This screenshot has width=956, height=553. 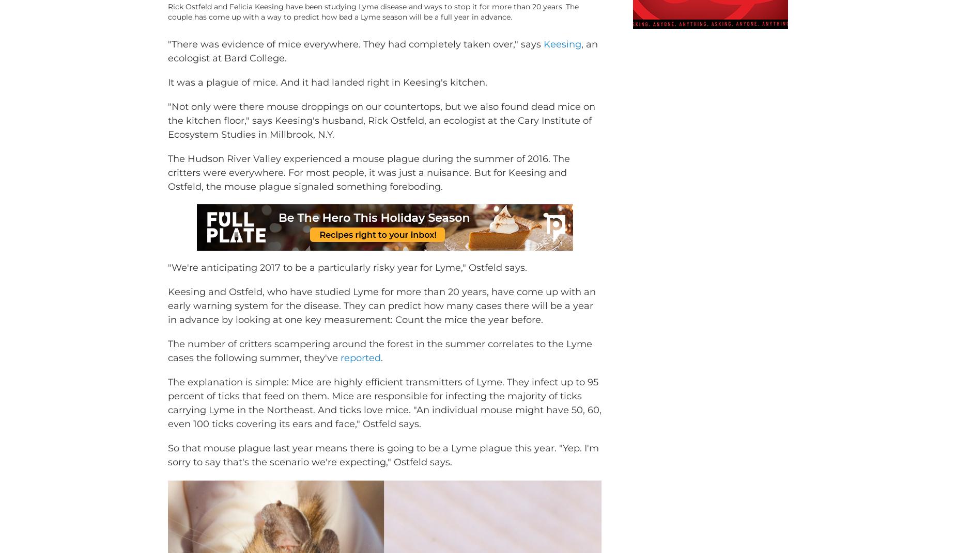 I want to click on 'The explanation is simple: Mice are highly efficient transmitters of Lyme. They infect up to 95 percent of ticks that feed on them. Mice are responsible for infecting the majority of ticks carrying Lyme in the Northeast. And ticks love mice. "An individual mouse might have 50, 60, even 100 ticks covering its ears and face," Ostfeld says.', so click(x=384, y=417).